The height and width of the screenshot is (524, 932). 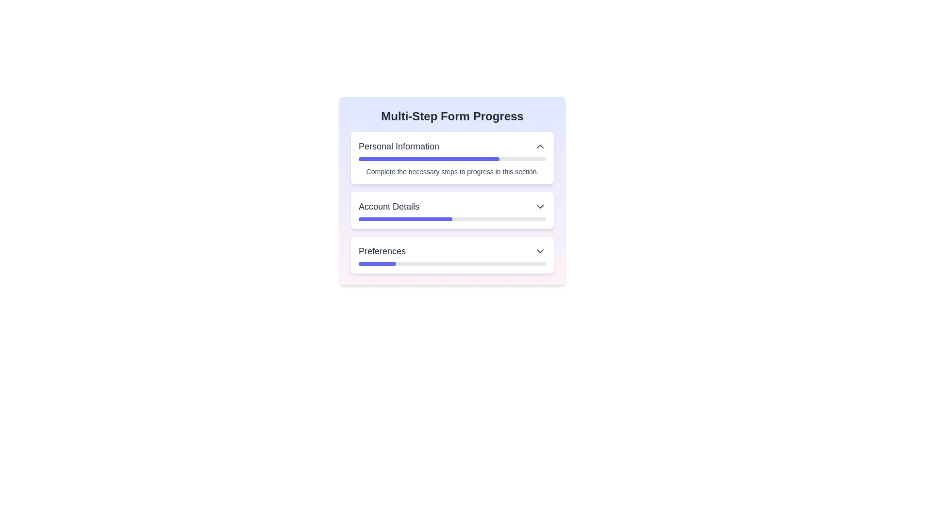 What do you see at coordinates (451, 263) in the screenshot?
I see `the progress bar located at the bottom of the 'Preferences' section, directly beneath the 'Preferences' label and dropdown icon` at bounding box center [451, 263].